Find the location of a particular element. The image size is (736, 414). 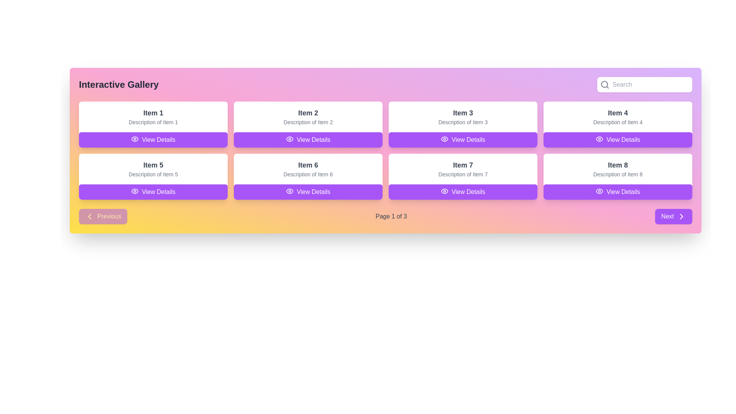

the eye icon within the 'View Details' button of the card titled 'Item 3' is located at coordinates (445, 139).